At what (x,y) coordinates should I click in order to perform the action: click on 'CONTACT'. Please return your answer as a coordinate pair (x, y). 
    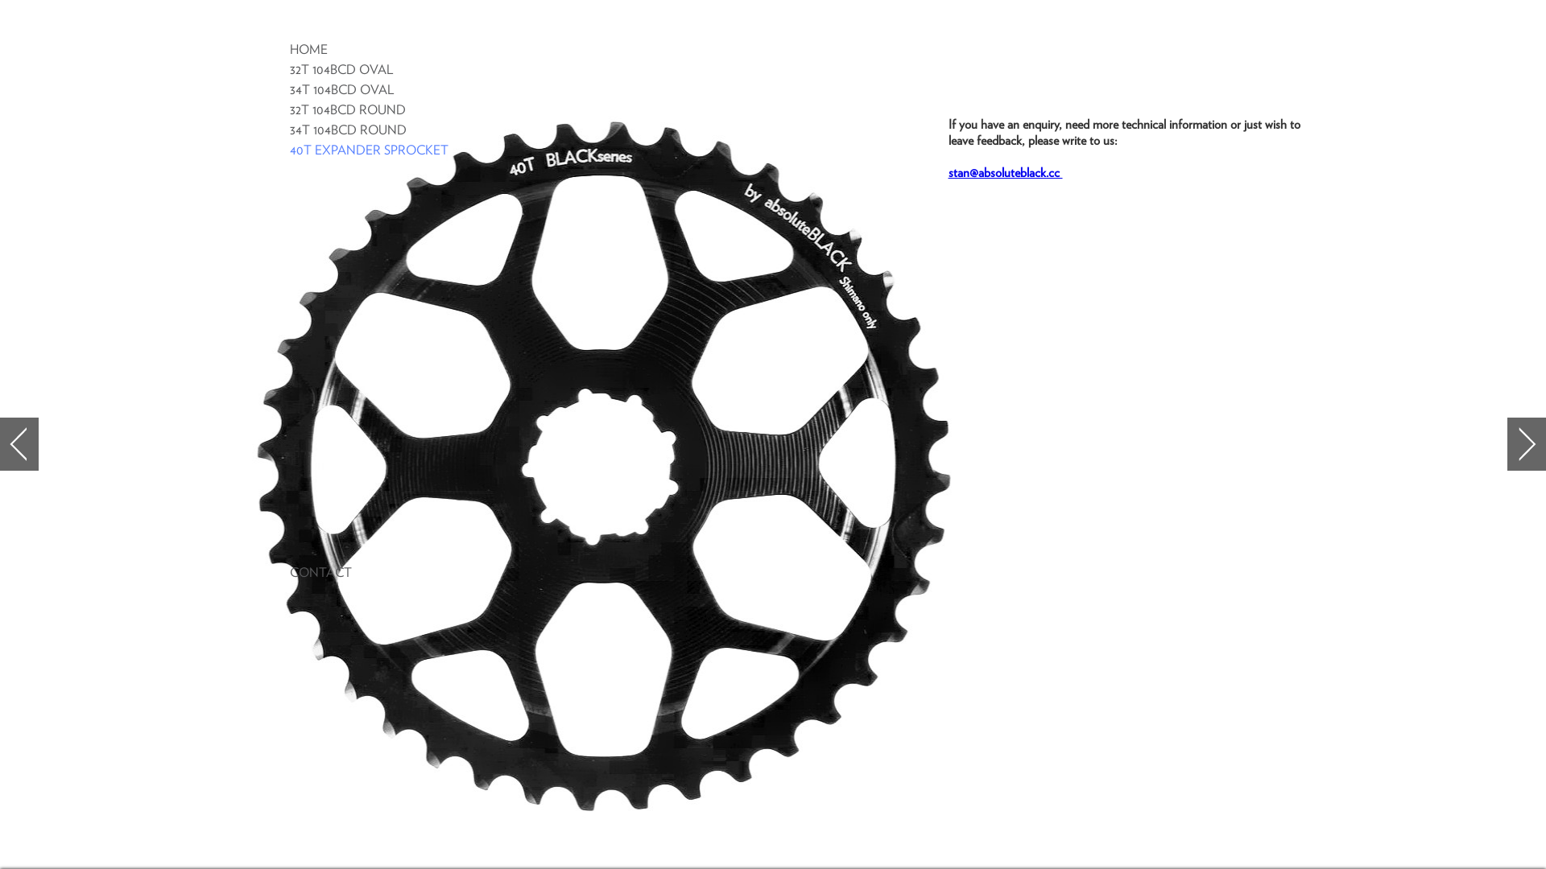
    Looking at the image, I should click on (320, 572).